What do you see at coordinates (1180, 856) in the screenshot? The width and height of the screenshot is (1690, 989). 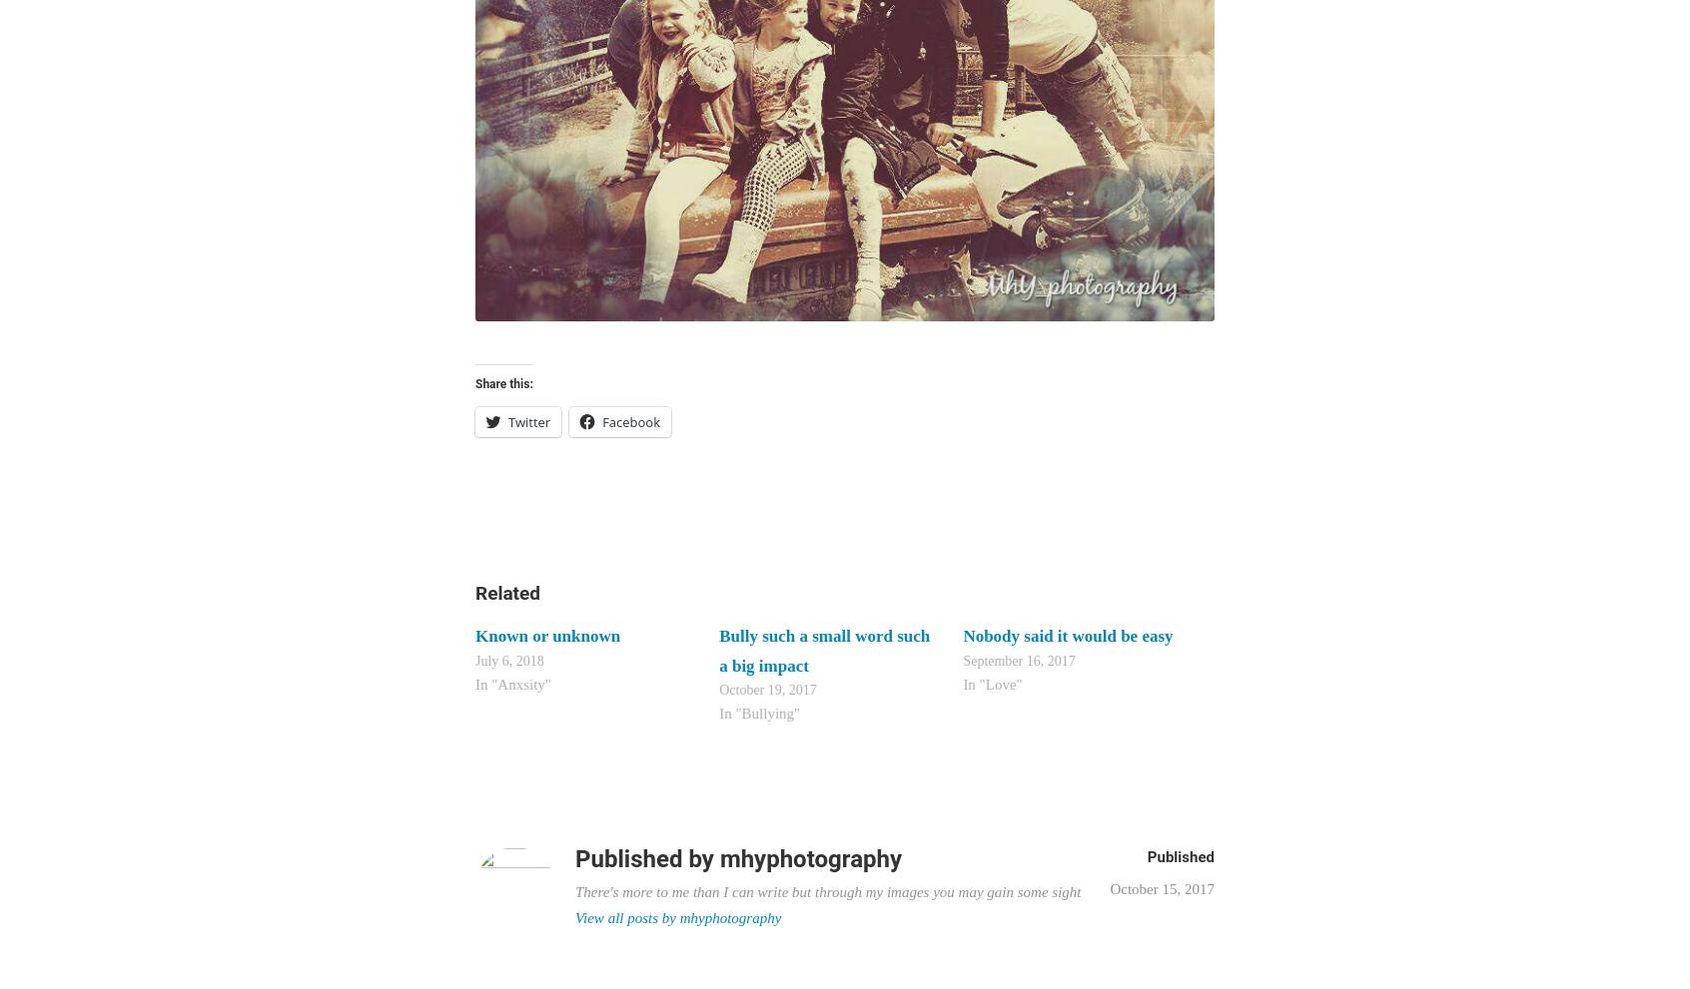 I see `'Published'` at bounding box center [1180, 856].